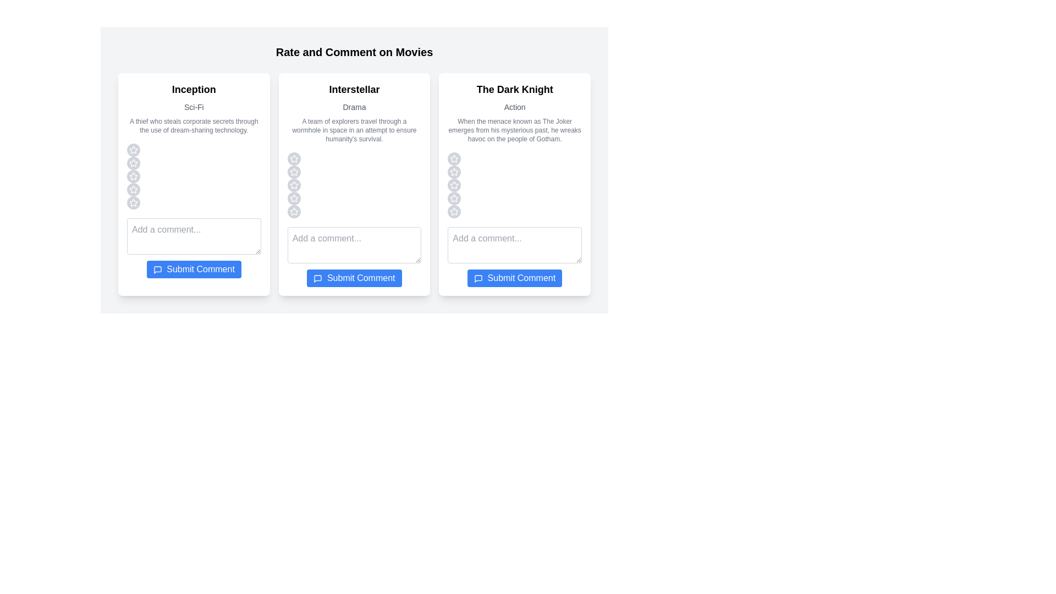 The width and height of the screenshot is (1056, 594). I want to click on the star corresponding to the rating 2 for the movie Interstellar, so click(293, 172).